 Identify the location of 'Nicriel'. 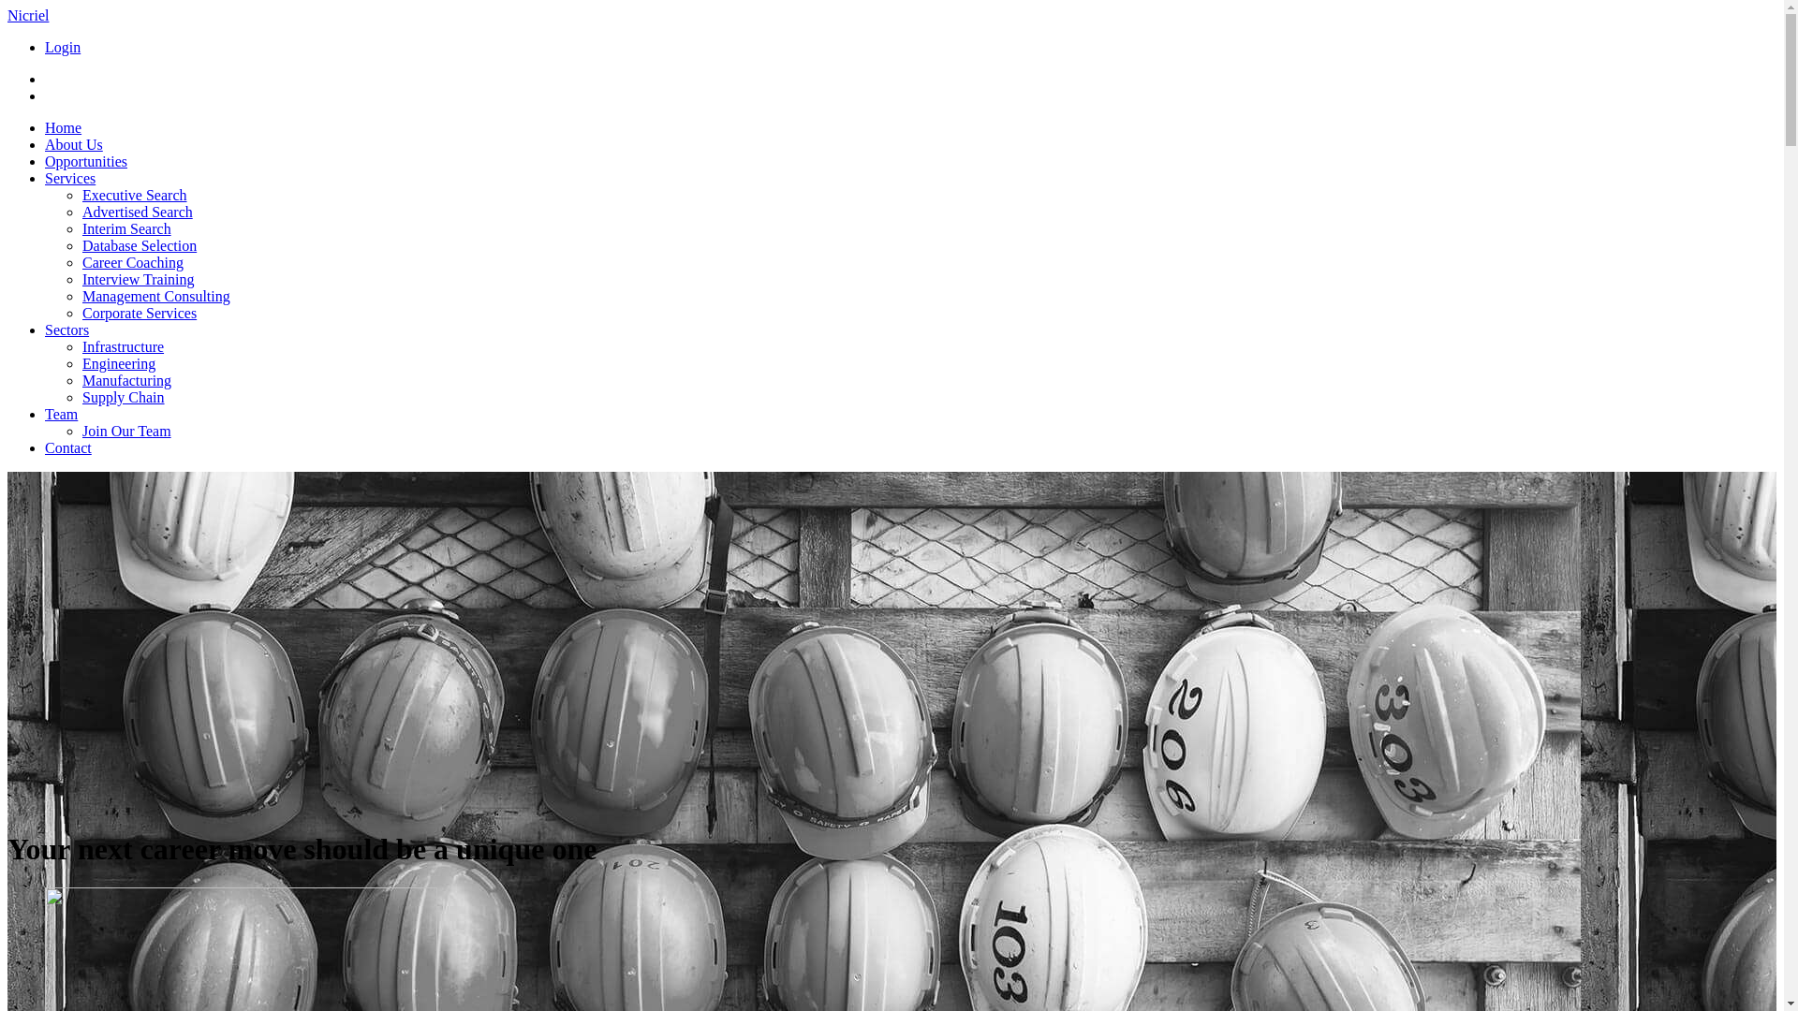
(27, 15).